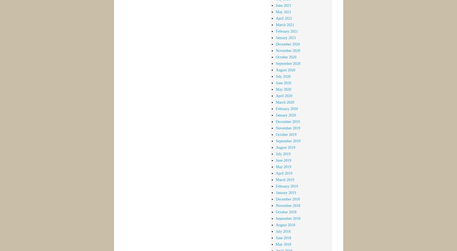 This screenshot has height=251, width=457. Describe the element at coordinates (286, 115) in the screenshot. I see `'January 2020'` at that location.